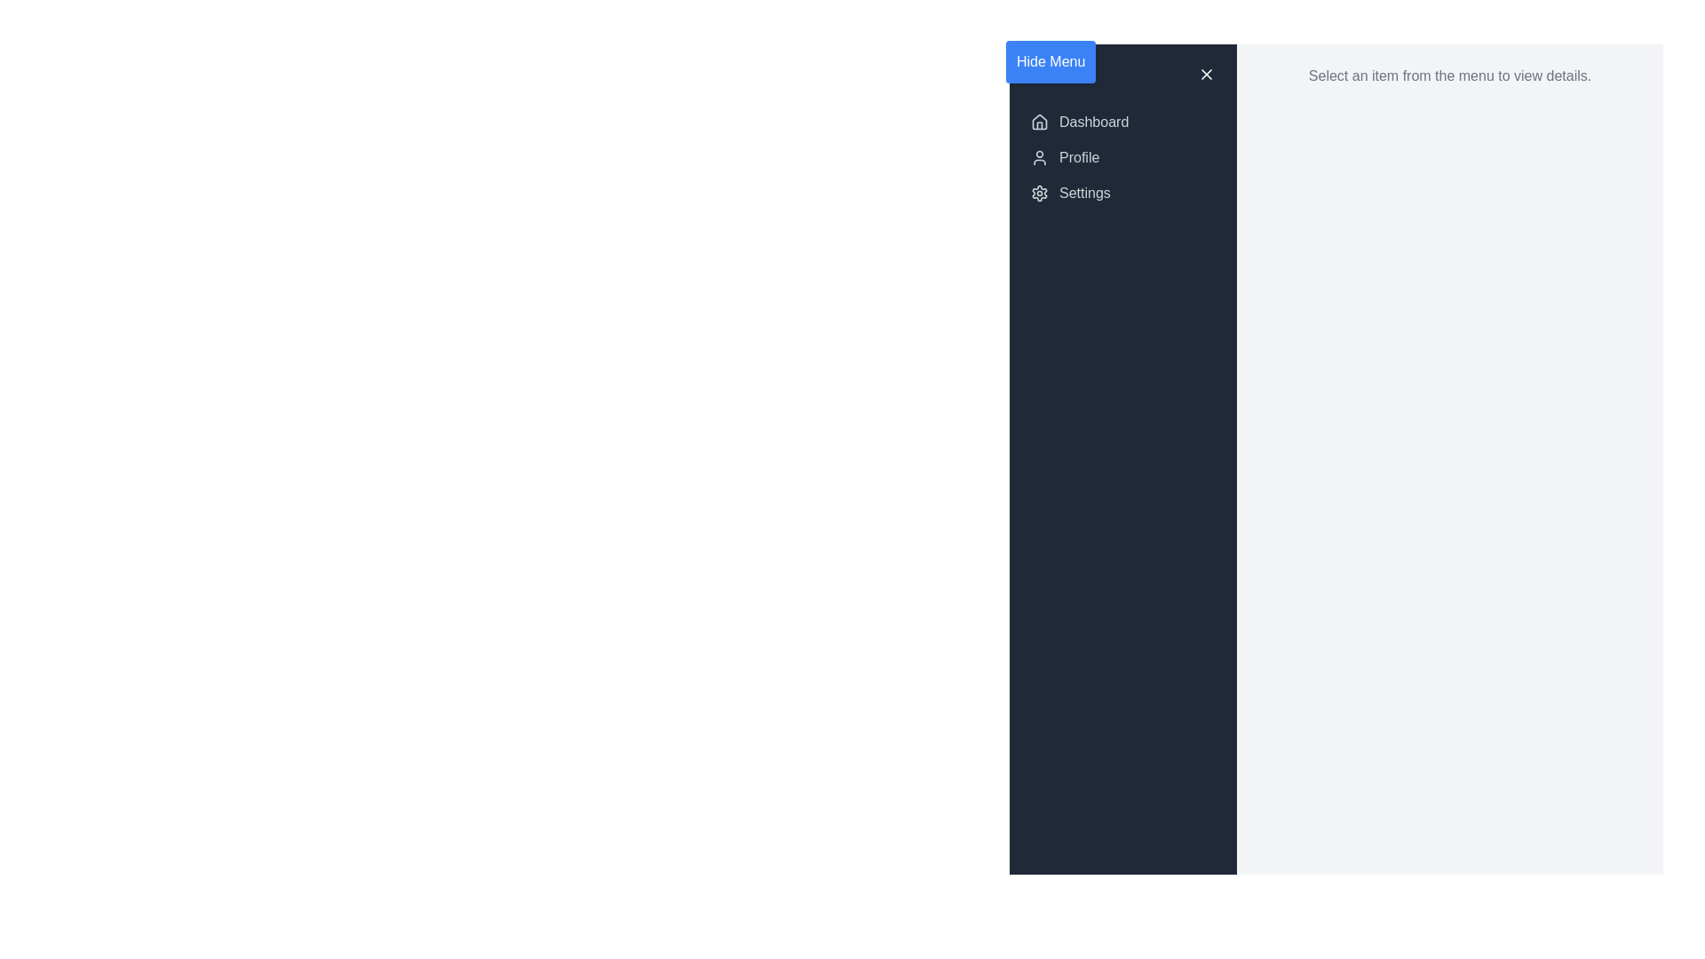  I want to click on the button located at the top of the side navigation bar, which is used to hide or collapse the side navigation menu, so click(1051, 60).